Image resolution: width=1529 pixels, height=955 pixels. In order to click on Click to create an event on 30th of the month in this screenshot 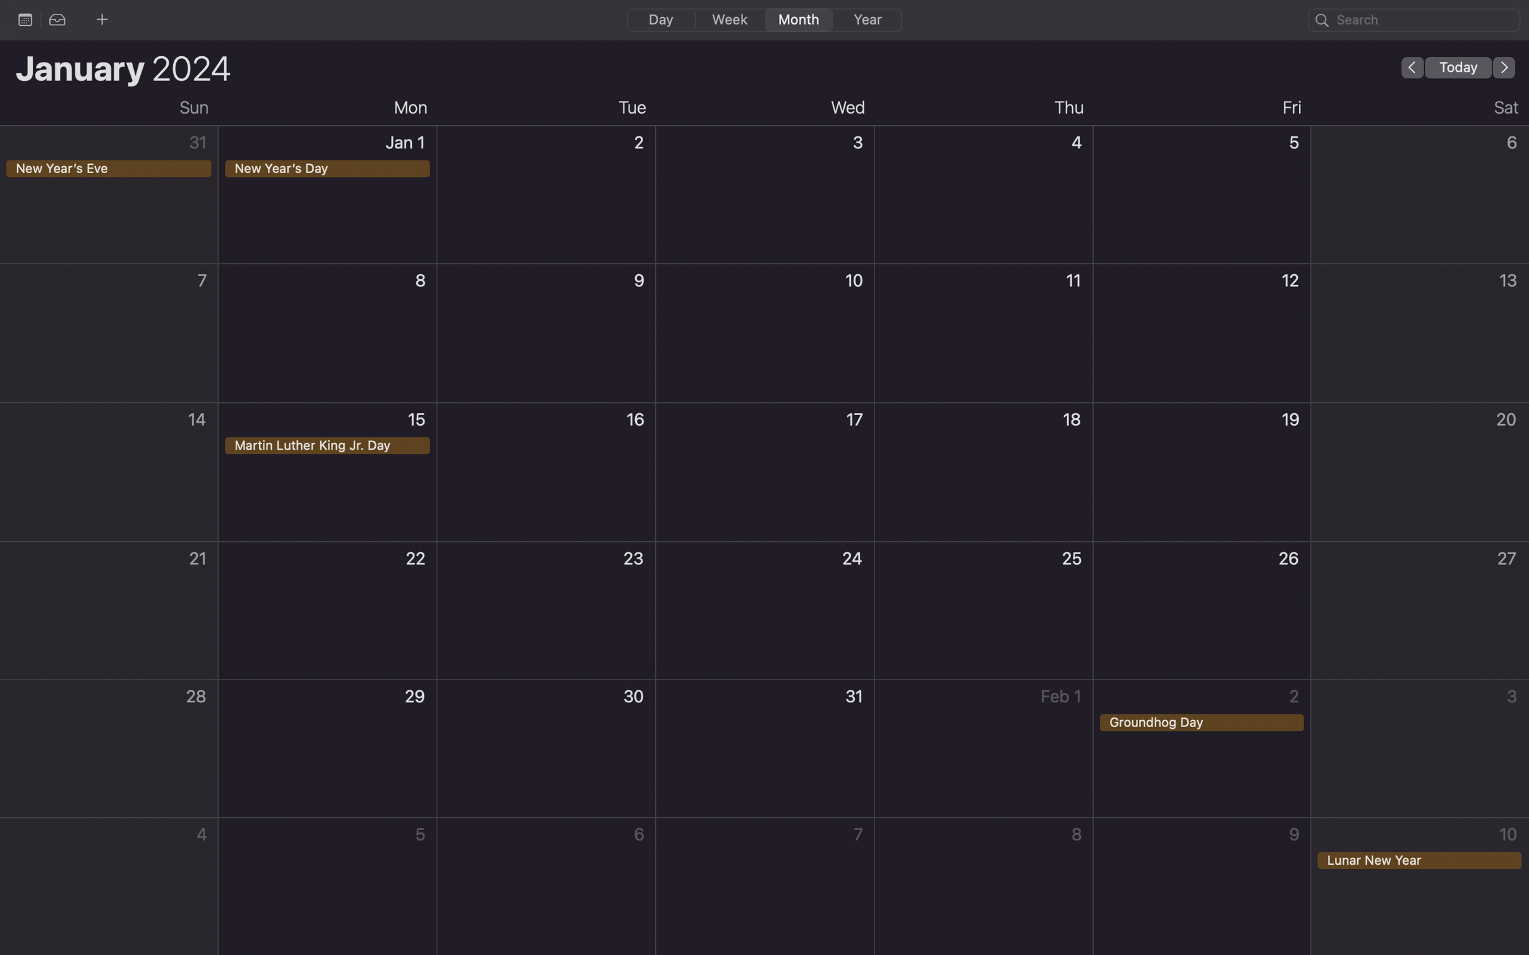, I will do `click(547, 750)`.